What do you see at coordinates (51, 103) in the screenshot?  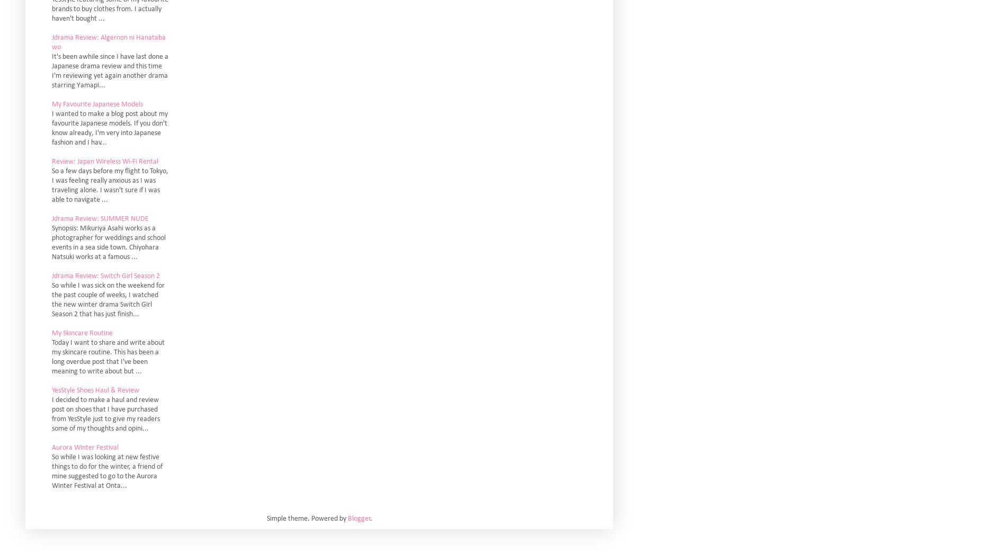 I see `'My Favourite Japanese Models'` at bounding box center [51, 103].